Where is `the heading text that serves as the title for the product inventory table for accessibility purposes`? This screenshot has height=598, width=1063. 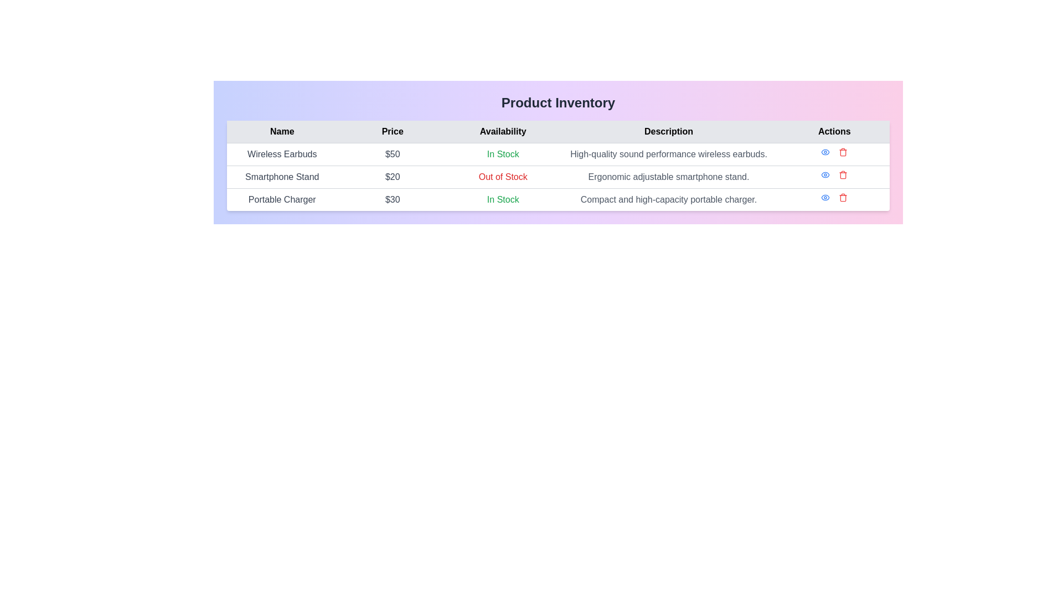 the heading text that serves as the title for the product inventory table for accessibility purposes is located at coordinates (558, 102).